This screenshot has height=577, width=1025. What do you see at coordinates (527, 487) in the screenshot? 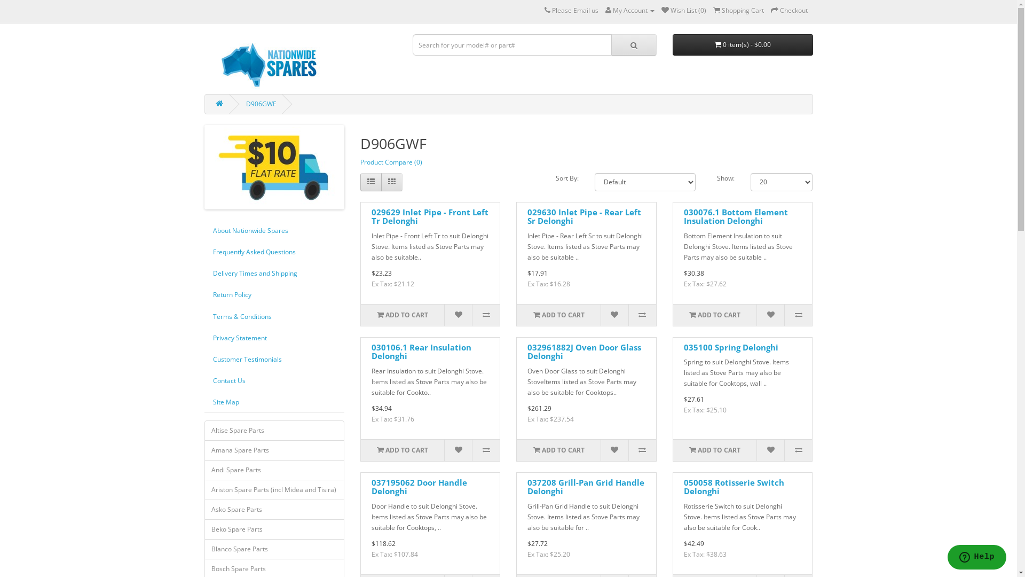
I see `'037208 Grill-Pan Grid Handle Delonghi'` at bounding box center [527, 487].